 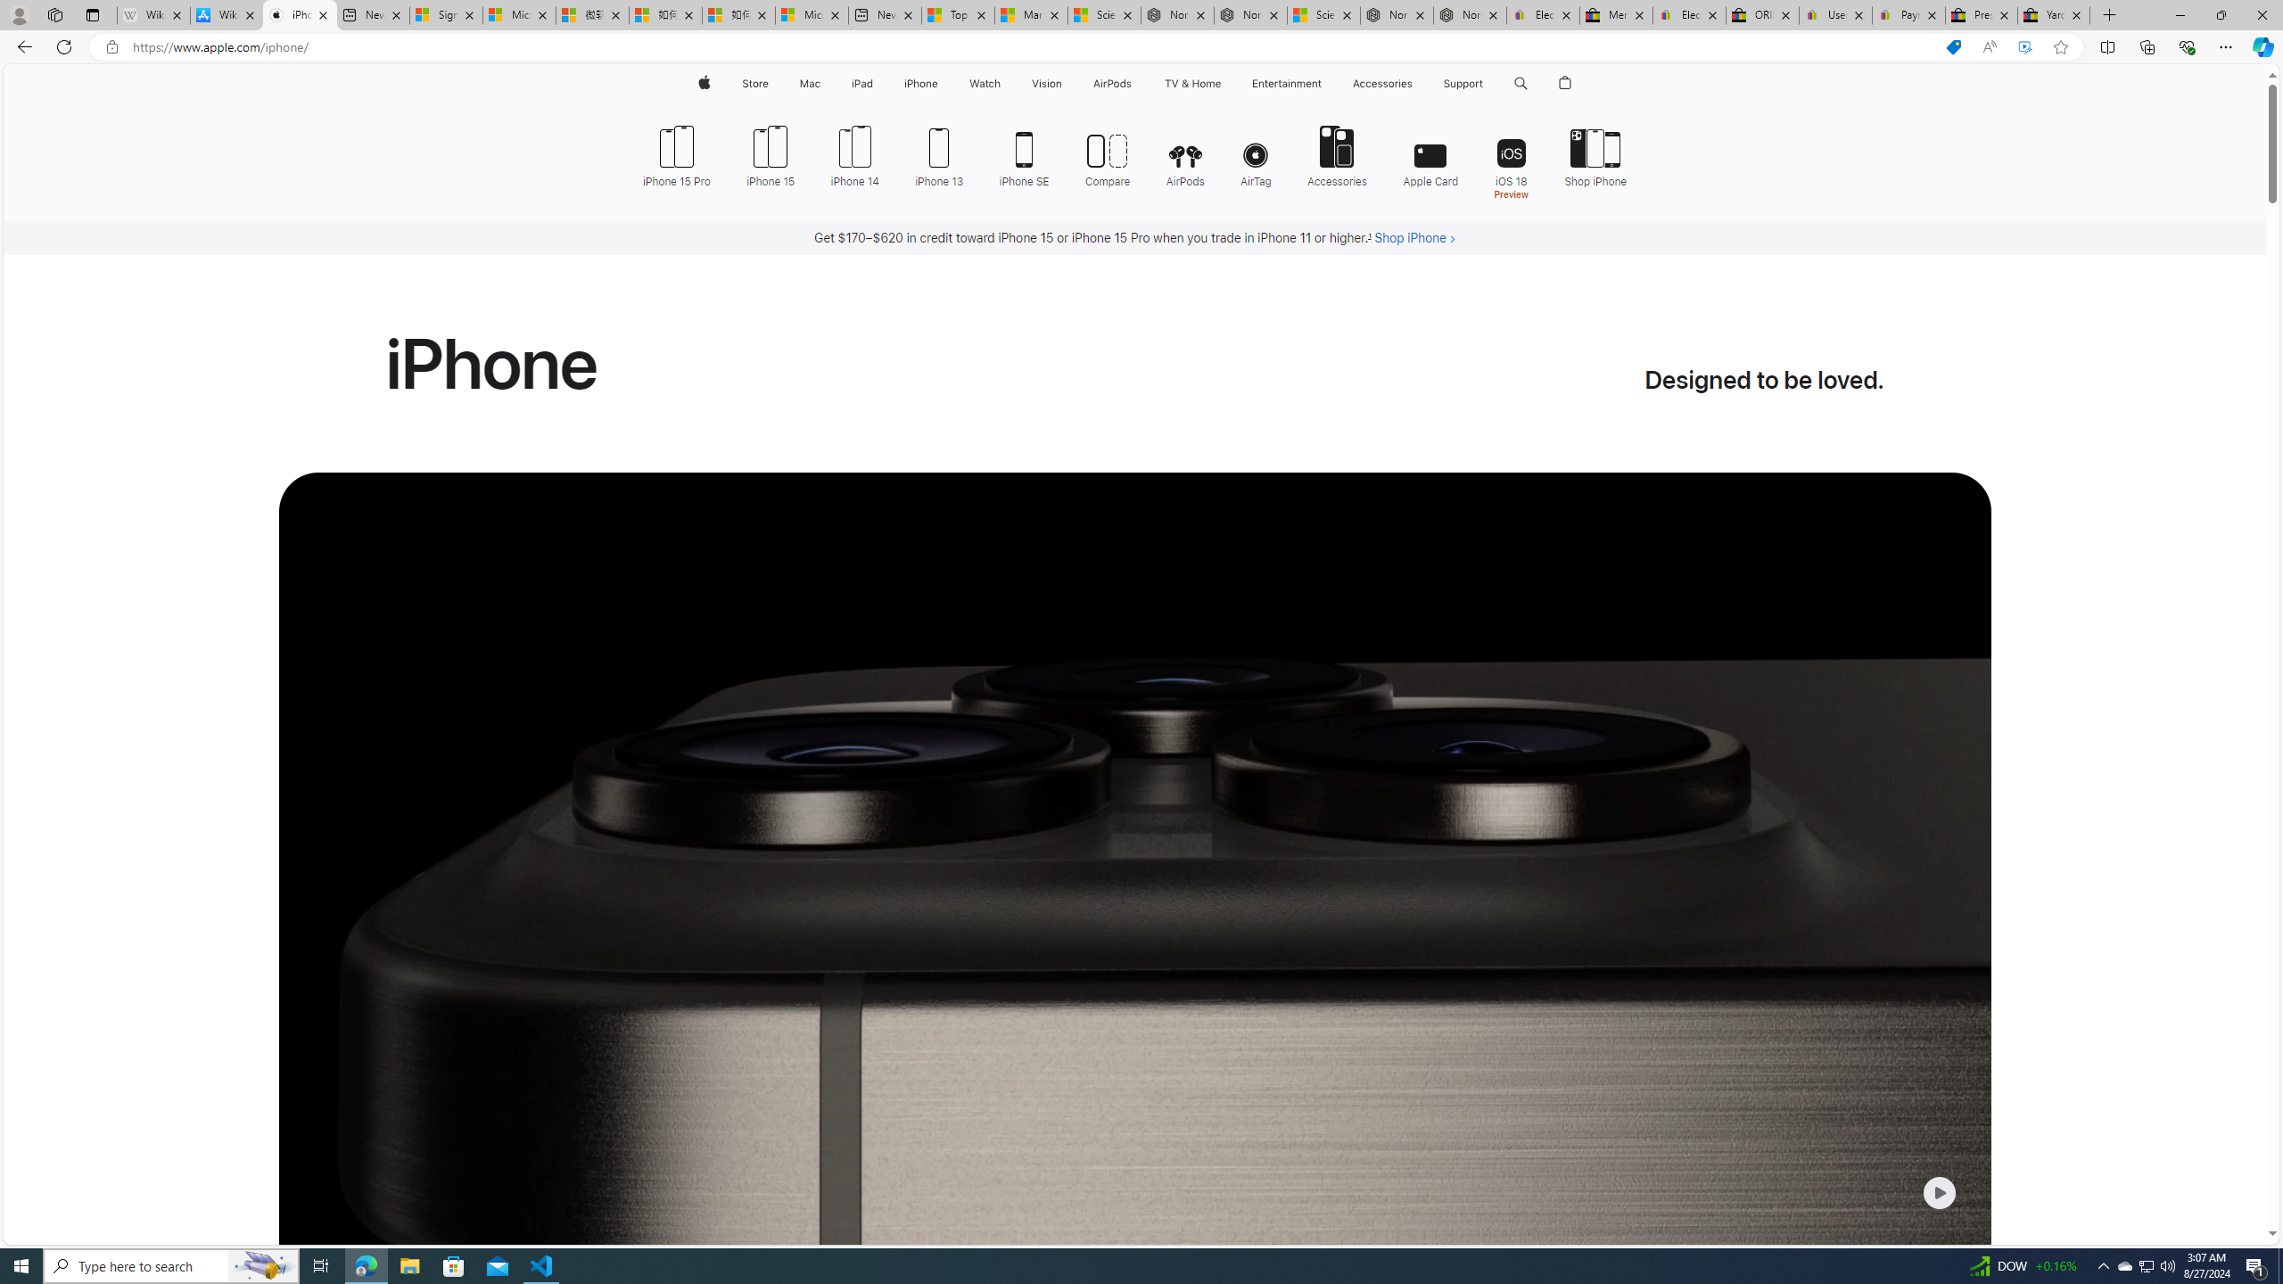 I want to click on 'iPhone menu', so click(x=941, y=83).